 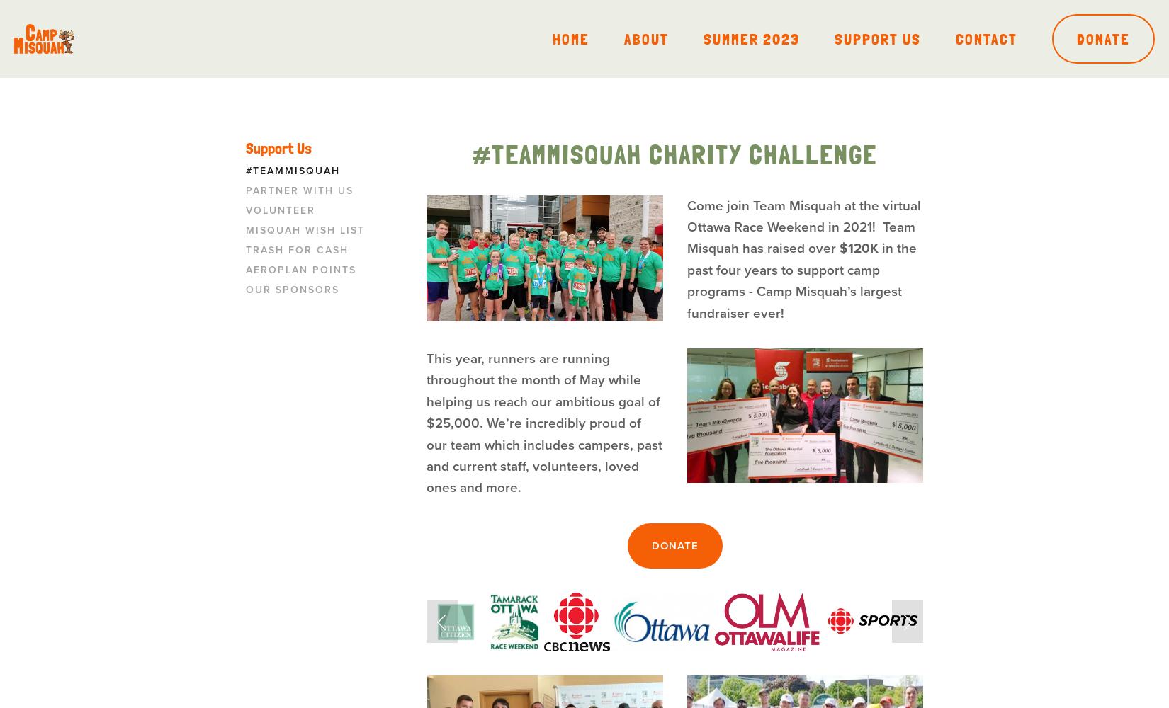 What do you see at coordinates (304, 229) in the screenshot?
I see `'Misquah Wish List'` at bounding box center [304, 229].